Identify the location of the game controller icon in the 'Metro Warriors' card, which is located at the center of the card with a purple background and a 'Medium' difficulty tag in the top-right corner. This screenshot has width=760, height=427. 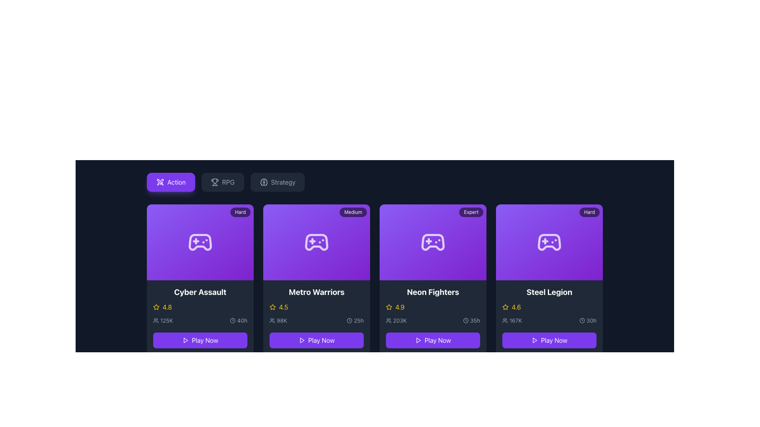
(317, 242).